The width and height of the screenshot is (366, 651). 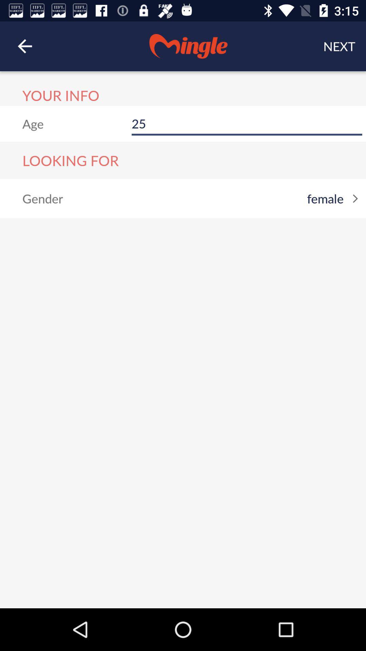 What do you see at coordinates (339, 46) in the screenshot?
I see `the next item` at bounding box center [339, 46].